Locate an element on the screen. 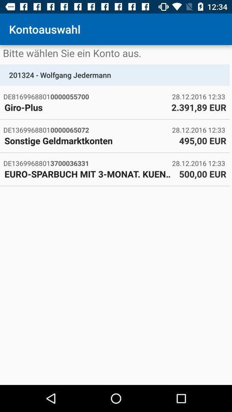  icon to the left of 500,00 eur item is located at coordinates (89, 173).